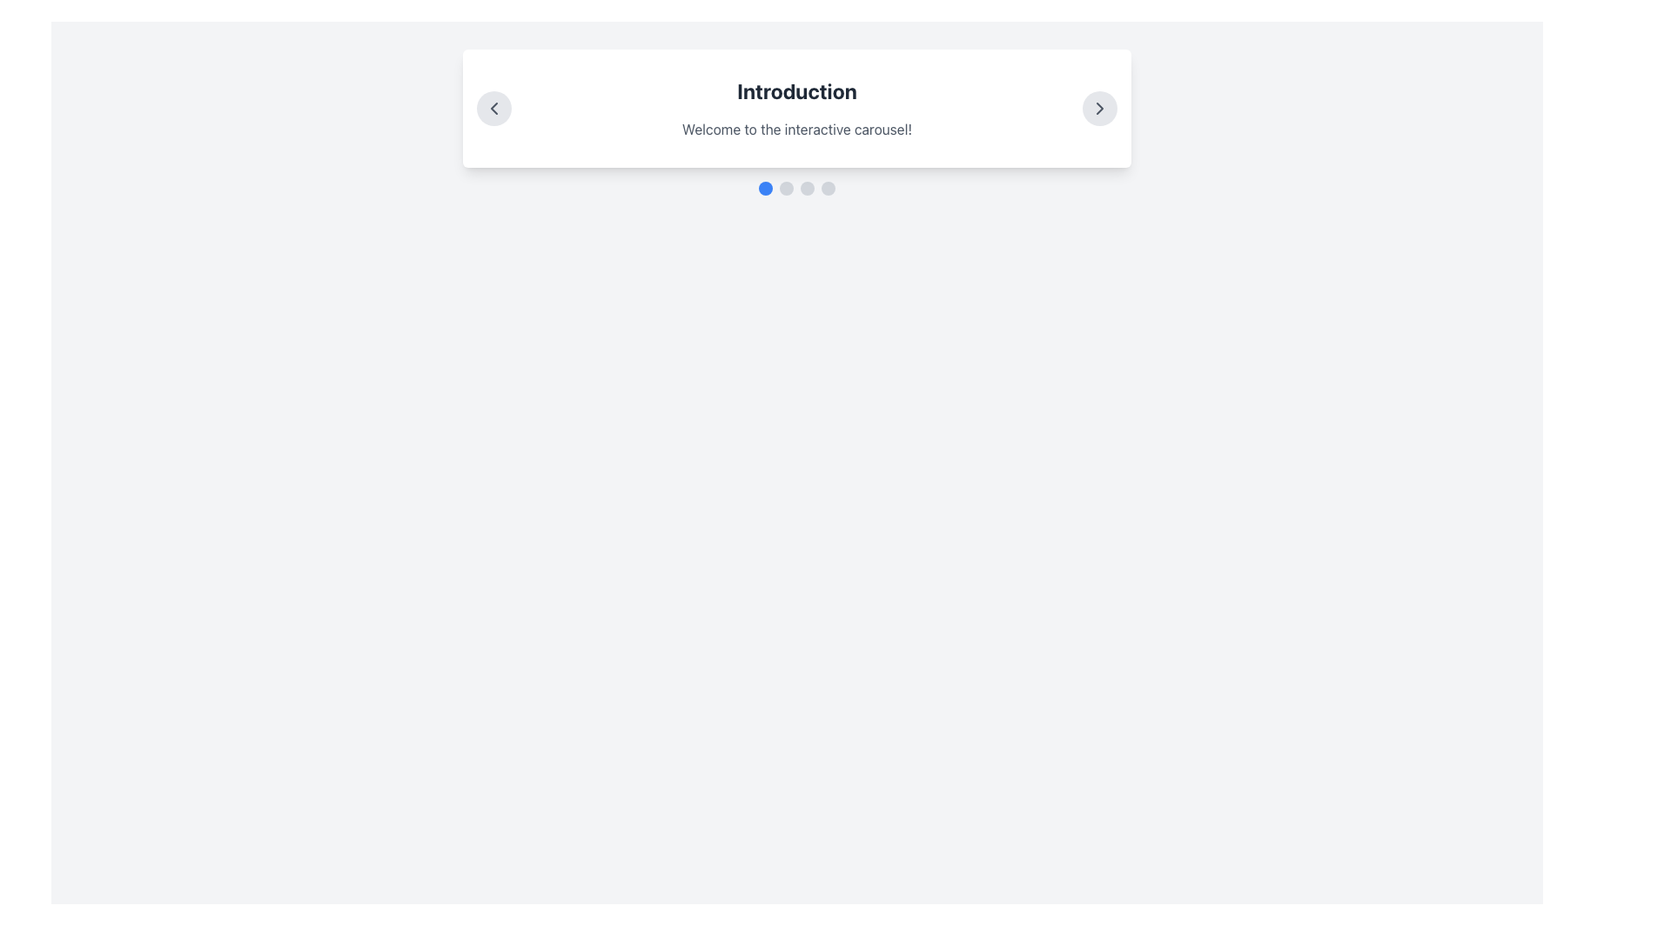 This screenshot has width=1671, height=939. Describe the element at coordinates (796, 129) in the screenshot. I see `text block that contains 'Welcome to the interactive carousel!', styled in gray and located beneath the title 'Introduction'` at that location.